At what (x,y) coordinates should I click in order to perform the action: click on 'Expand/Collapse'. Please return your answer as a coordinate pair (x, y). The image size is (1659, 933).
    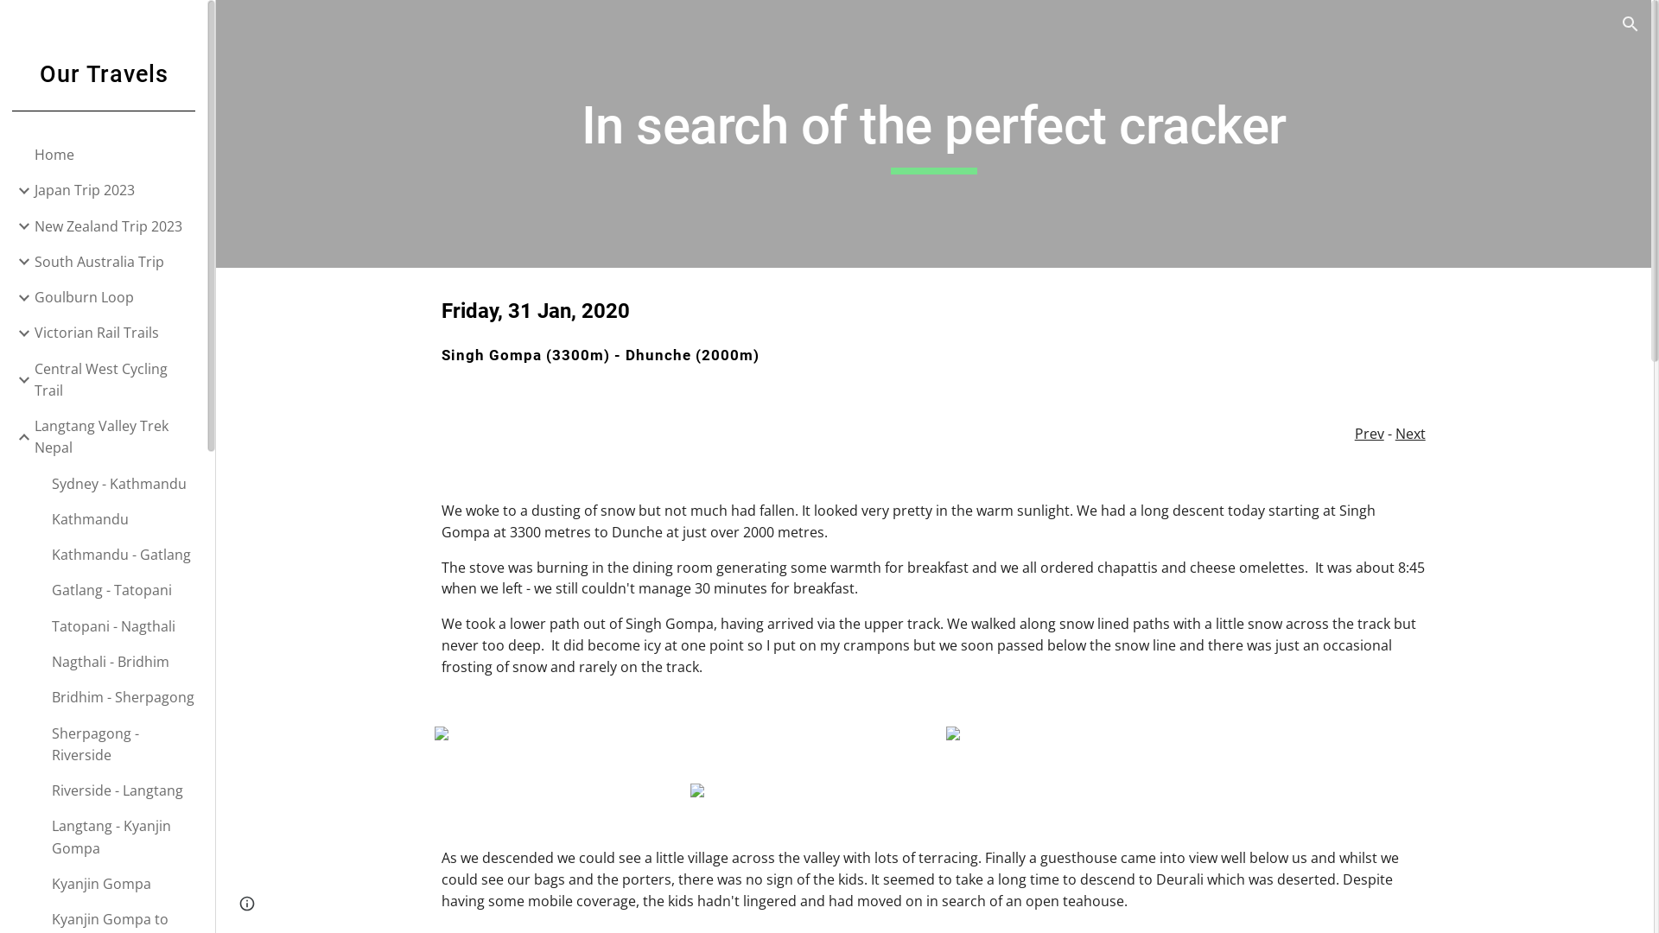
    Looking at the image, I should click on (19, 435).